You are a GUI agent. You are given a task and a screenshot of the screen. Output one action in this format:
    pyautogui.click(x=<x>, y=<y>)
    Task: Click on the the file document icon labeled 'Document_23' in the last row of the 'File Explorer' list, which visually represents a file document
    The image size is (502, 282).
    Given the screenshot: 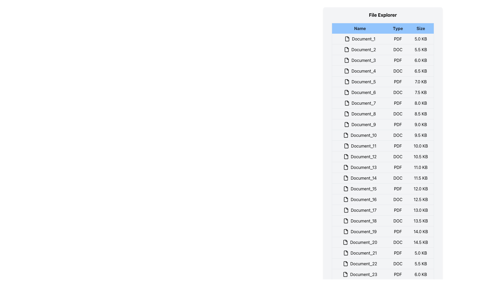 What is the action you would take?
    pyautogui.click(x=345, y=274)
    